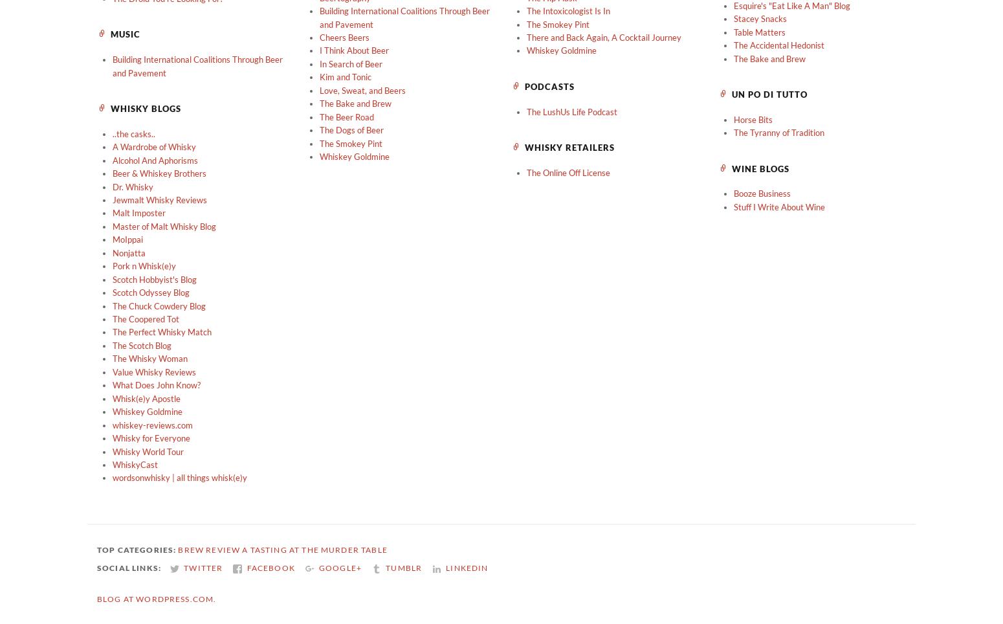  I want to click on 'Whisky Blogs', so click(145, 108).